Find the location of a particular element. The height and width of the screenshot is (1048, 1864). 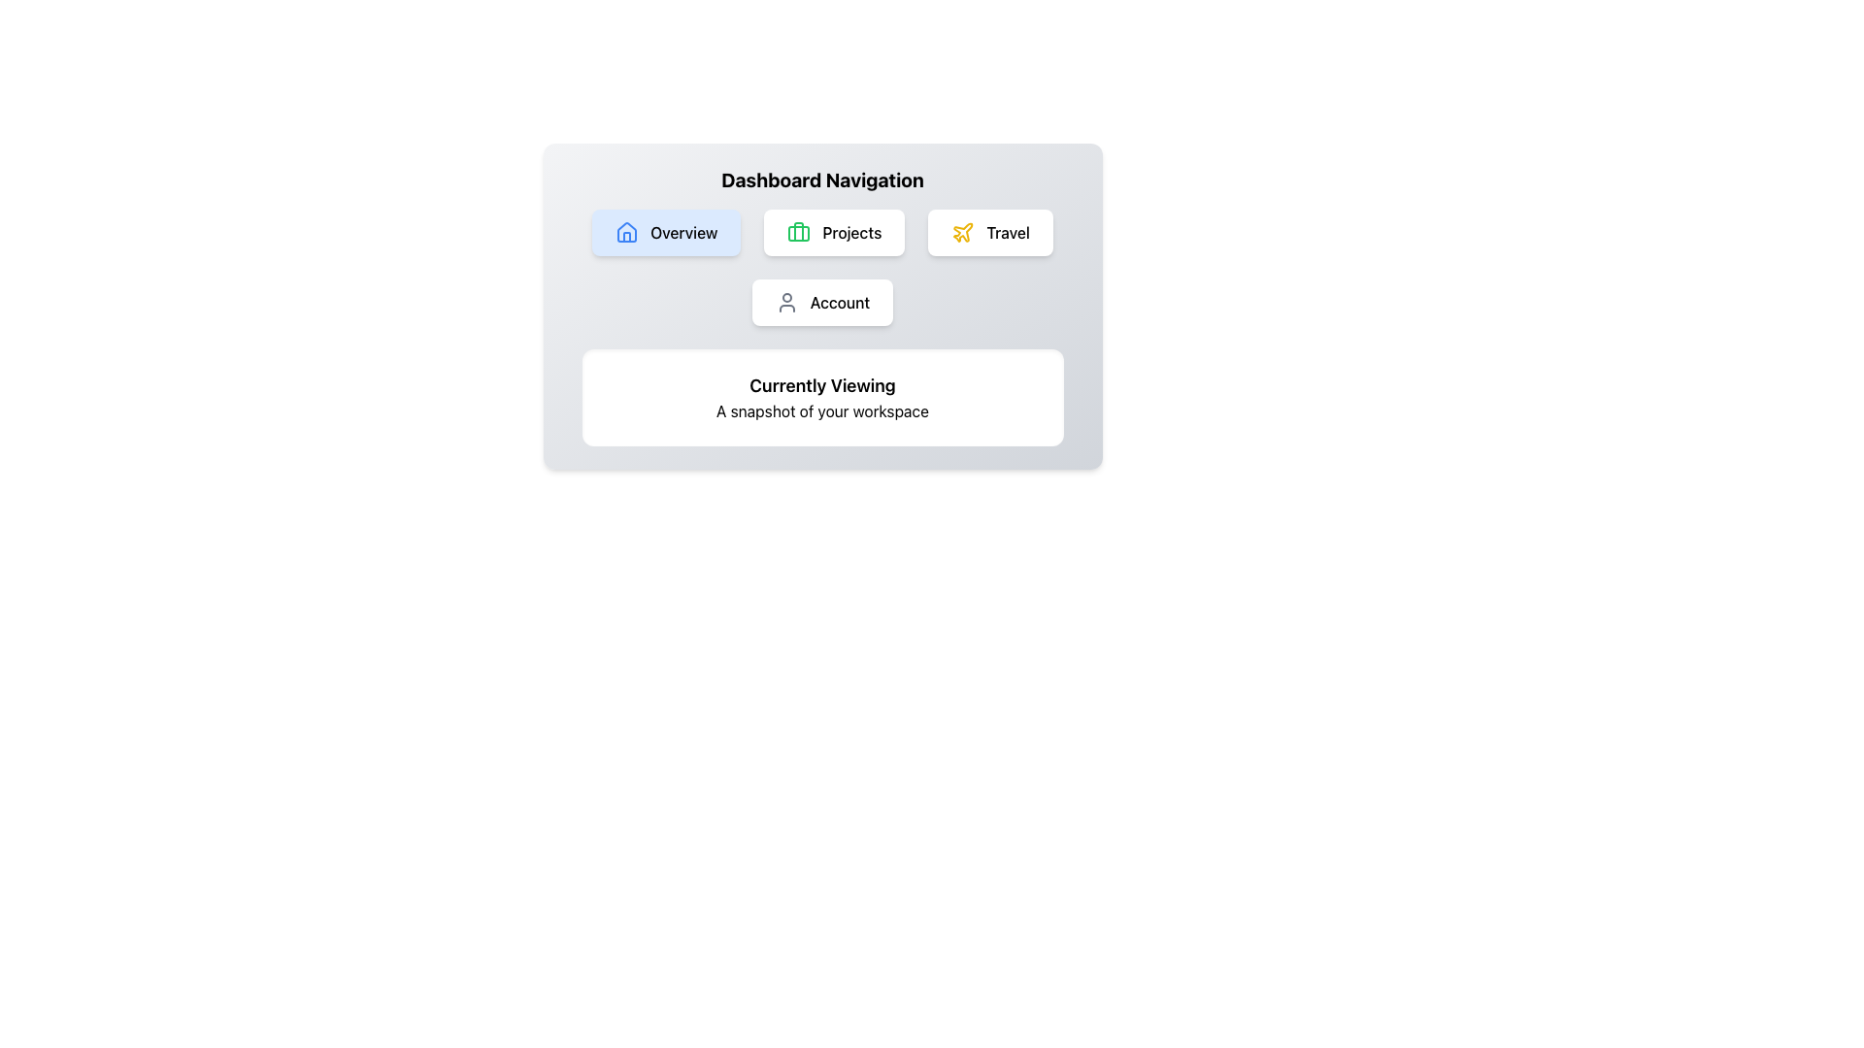

the blue house-shaped icon in the navigation section labeled 'Overview', positioned as the farthest left option is located at coordinates (627, 231).